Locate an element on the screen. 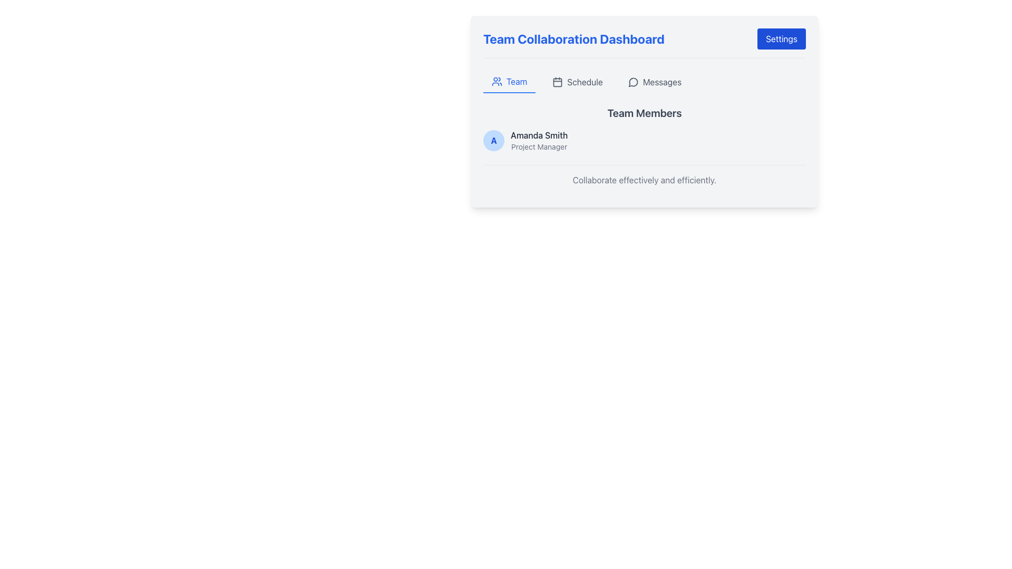 This screenshot has height=569, width=1012. the text component displaying 'Amanda Smith' and 'Project Manager' is located at coordinates (539, 140).